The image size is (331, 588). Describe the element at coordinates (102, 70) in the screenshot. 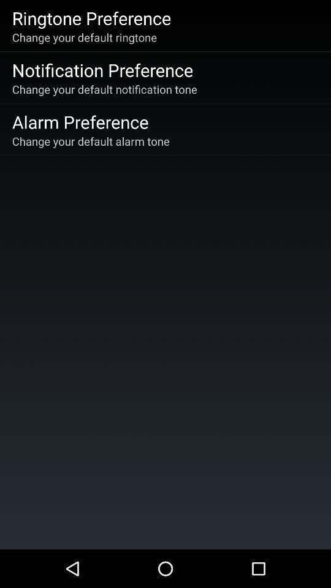

I see `the notification preference` at that location.